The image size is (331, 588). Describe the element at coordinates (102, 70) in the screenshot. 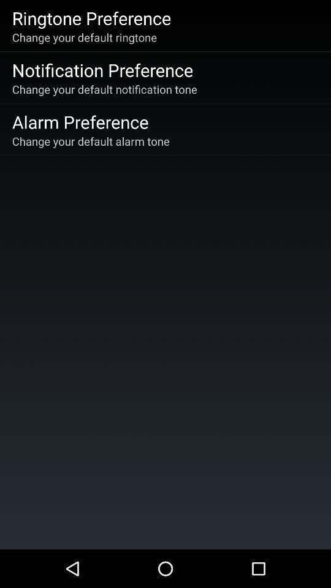

I see `the notification preference` at that location.